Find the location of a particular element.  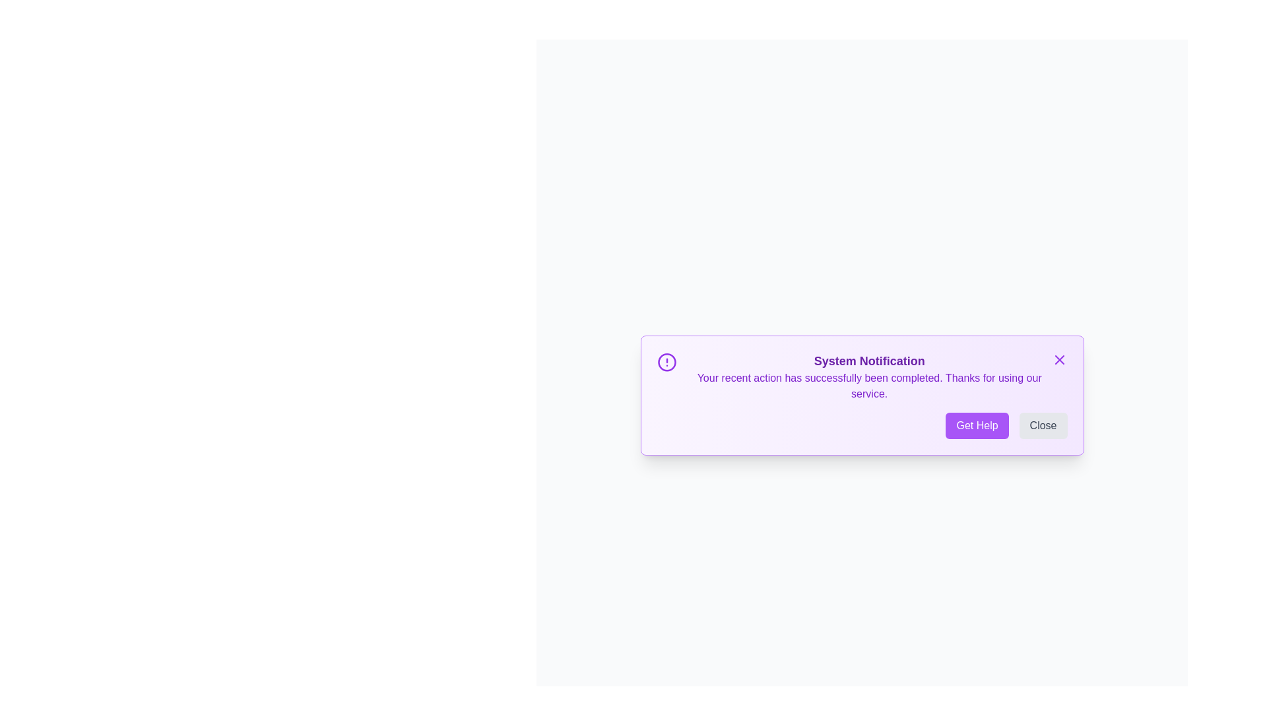

the circular UI component within the notification icon that visually indicates a notification type or importance level is located at coordinates (666, 363).